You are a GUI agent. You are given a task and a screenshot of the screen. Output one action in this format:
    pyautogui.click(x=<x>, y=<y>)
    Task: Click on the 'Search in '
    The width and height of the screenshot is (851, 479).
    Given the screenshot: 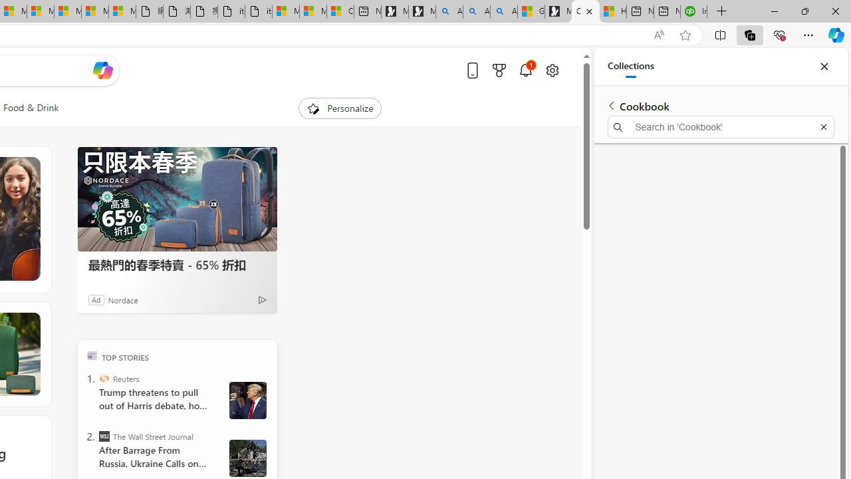 What is the action you would take?
    pyautogui.click(x=720, y=127)
    